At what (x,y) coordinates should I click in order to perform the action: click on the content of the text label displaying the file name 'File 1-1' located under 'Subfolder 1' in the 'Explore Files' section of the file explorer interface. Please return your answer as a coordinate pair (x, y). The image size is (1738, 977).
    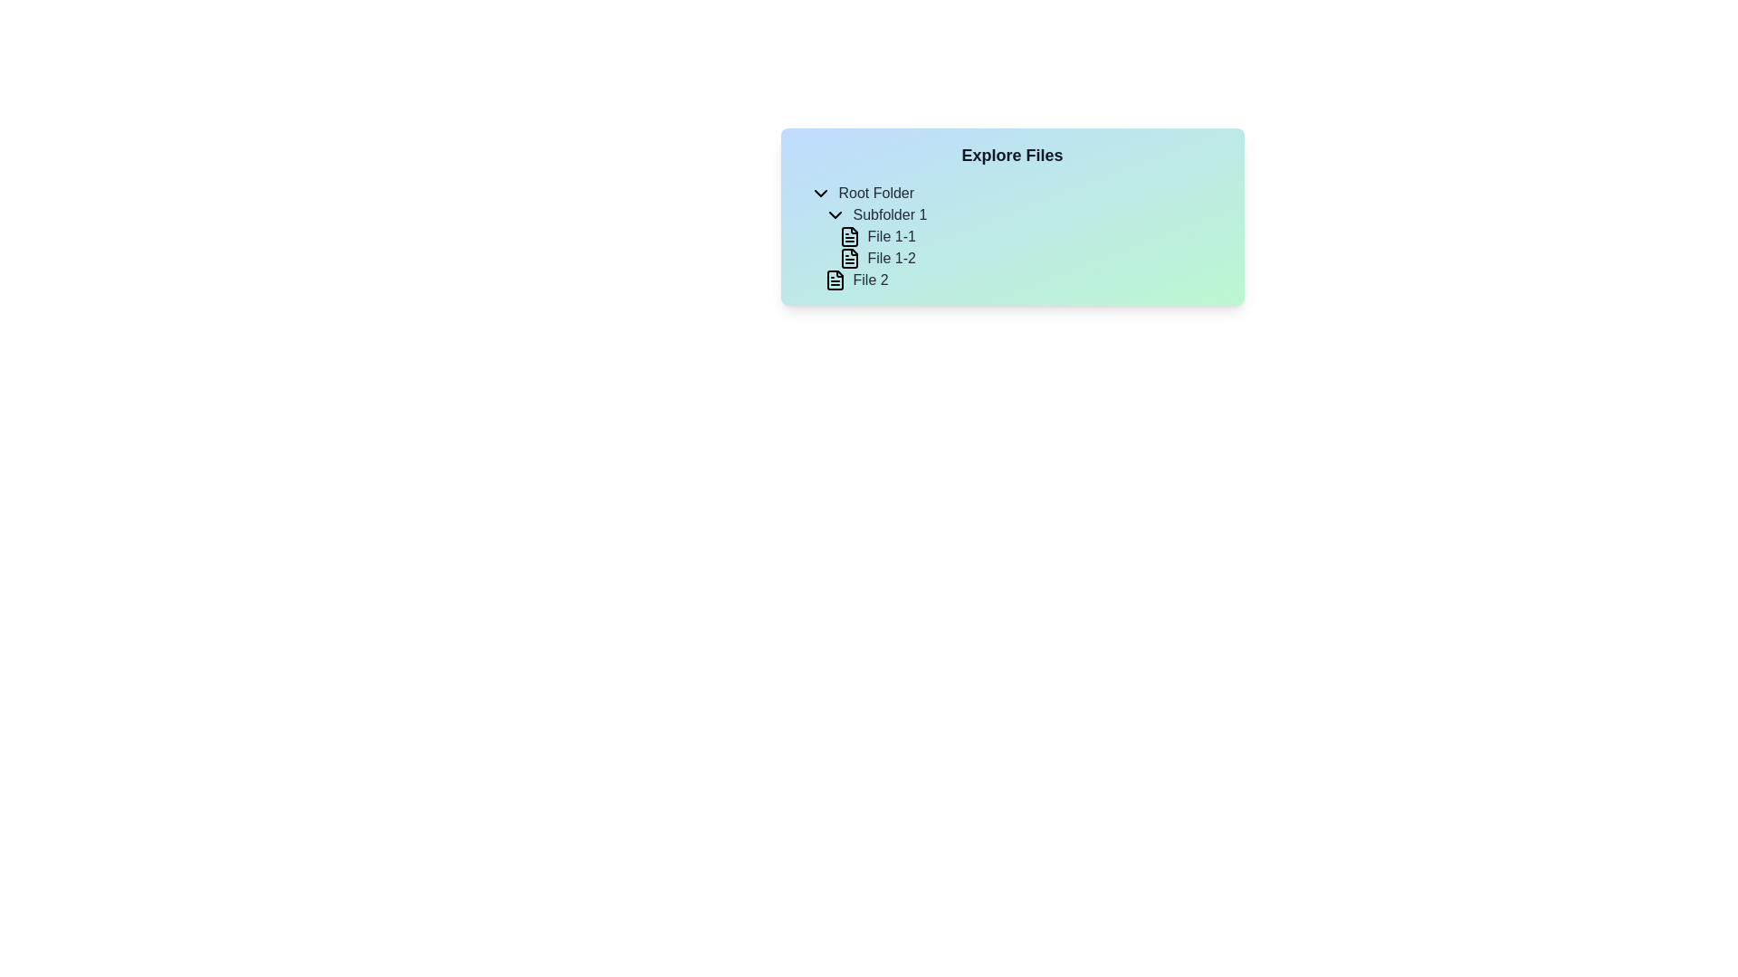
    Looking at the image, I should click on (892, 236).